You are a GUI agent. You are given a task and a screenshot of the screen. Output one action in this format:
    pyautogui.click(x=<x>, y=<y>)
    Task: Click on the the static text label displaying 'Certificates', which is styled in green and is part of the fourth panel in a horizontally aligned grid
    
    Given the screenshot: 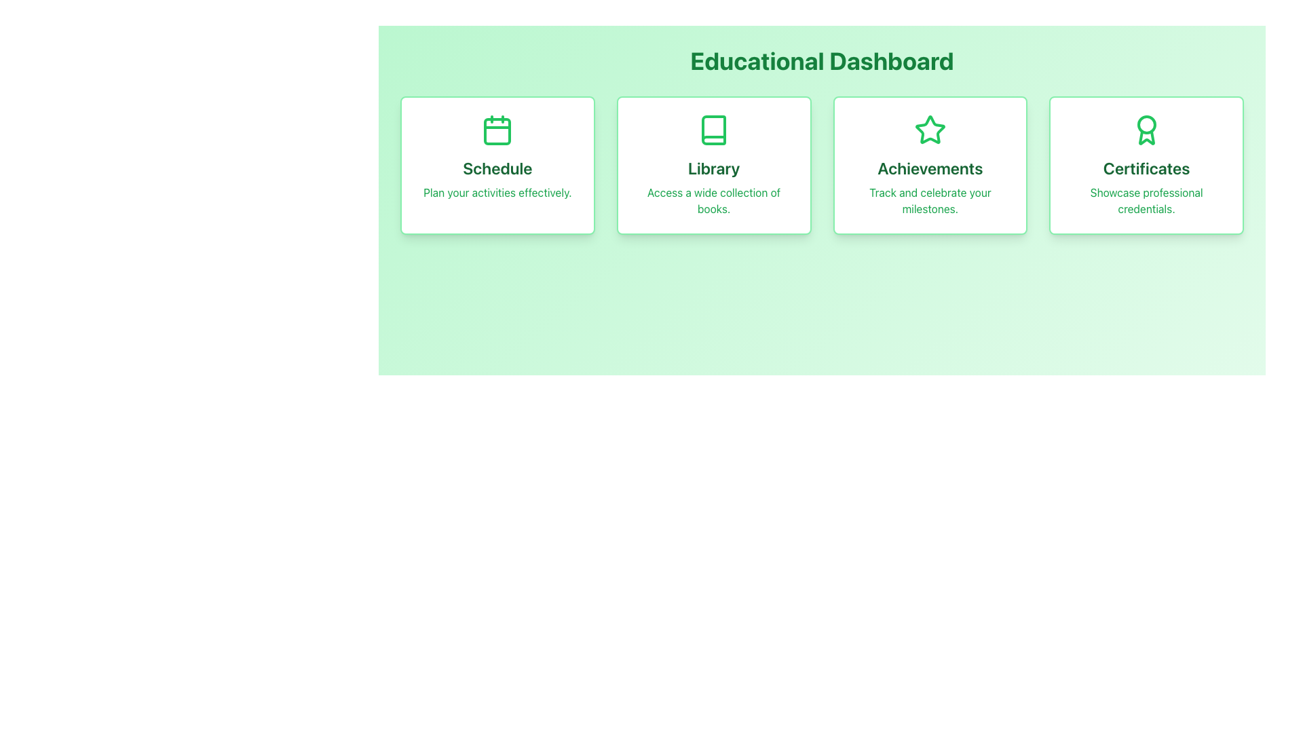 What is the action you would take?
    pyautogui.click(x=1146, y=167)
    